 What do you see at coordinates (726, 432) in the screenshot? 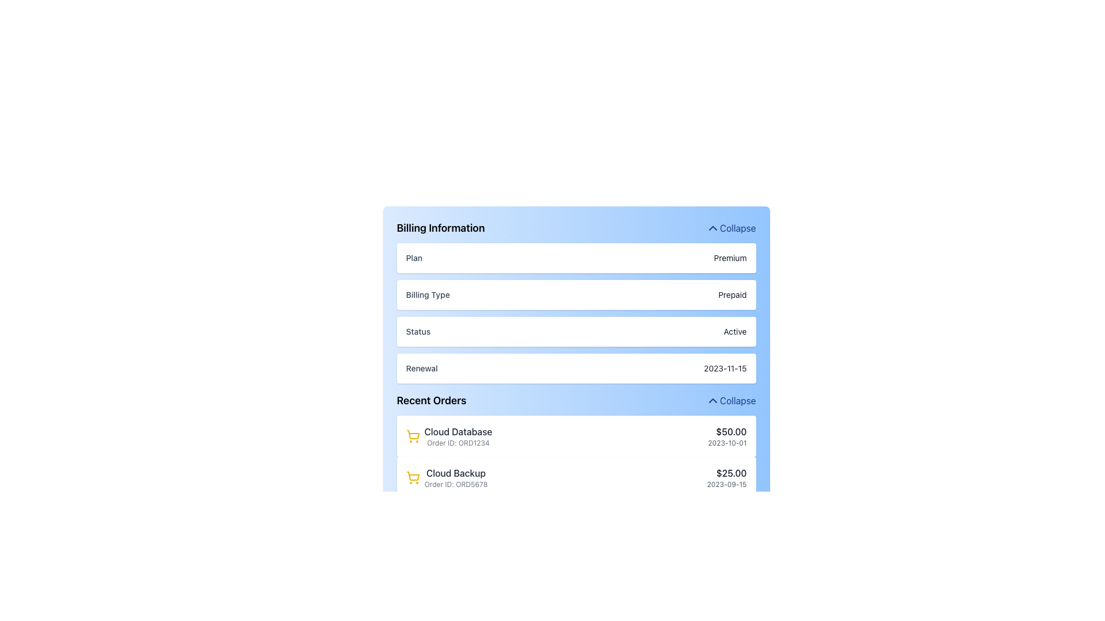
I see `the static text display showing the amount associated with the first order in the 'Recent Orders' section, located in the top-right corner` at bounding box center [726, 432].